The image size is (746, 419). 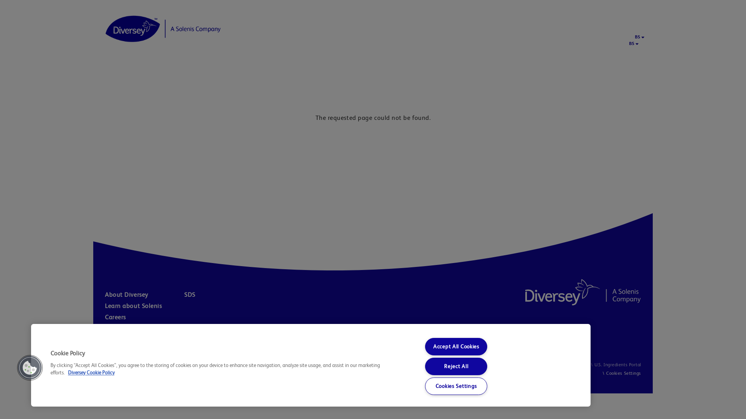 I want to click on 'BS', so click(x=632, y=43).